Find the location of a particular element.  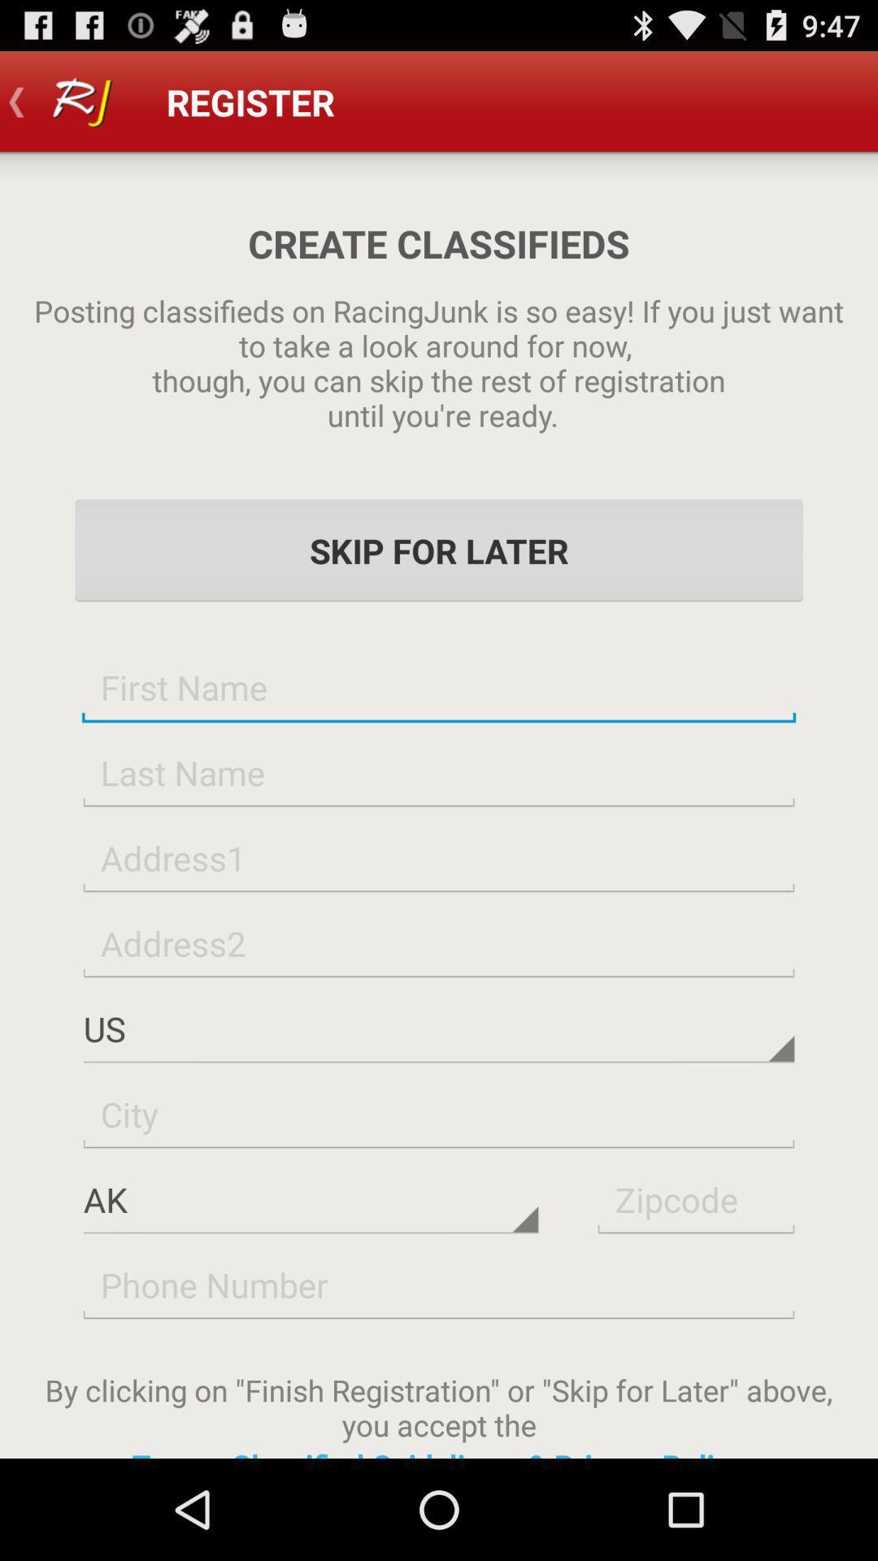

insert postal code is located at coordinates (695, 1199).